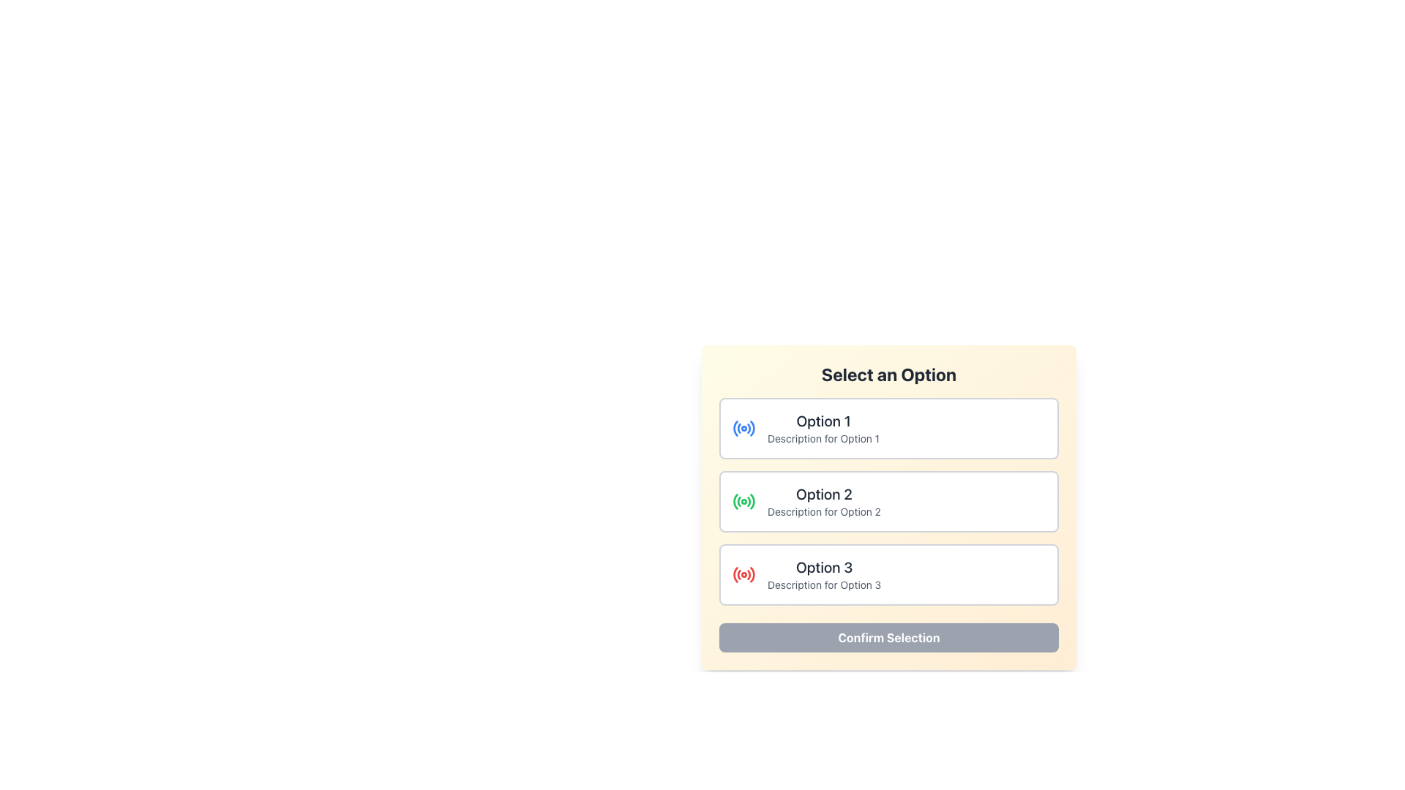 This screenshot has width=1405, height=790. Describe the element at coordinates (744, 574) in the screenshot. I see `the radio icon representing 'Option 3' in the list of options` at that location.